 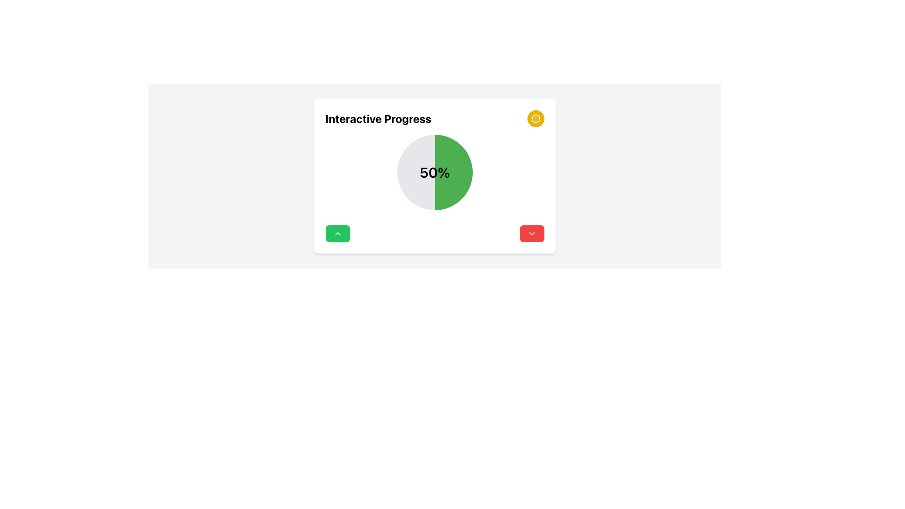 I want to click on chevron-shaped icon located within the red rectangular button on the bottom-right corner of the 'Interactive Progress' card, so click(x=532, y=233).